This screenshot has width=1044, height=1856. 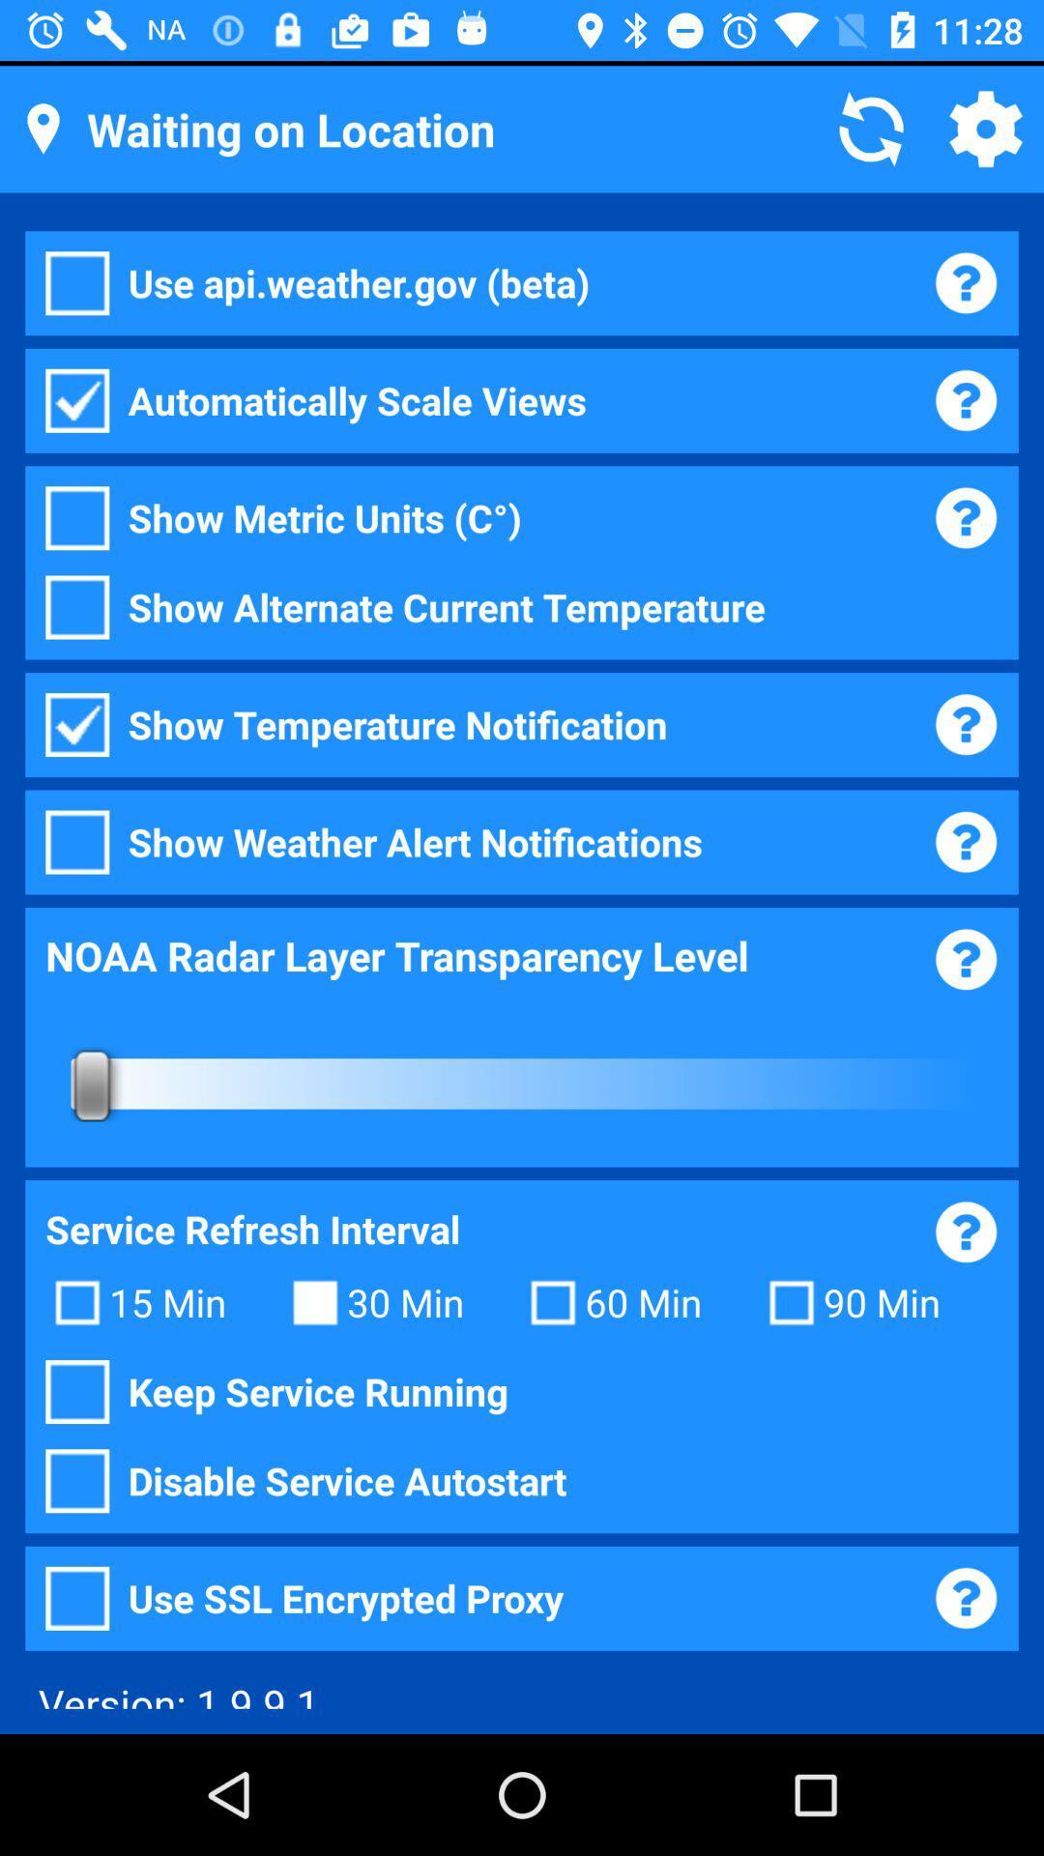 What do you see at coordinates (966, 1232) in the screenshot?
I see `the help icon` at bounding box center [966, 1232].